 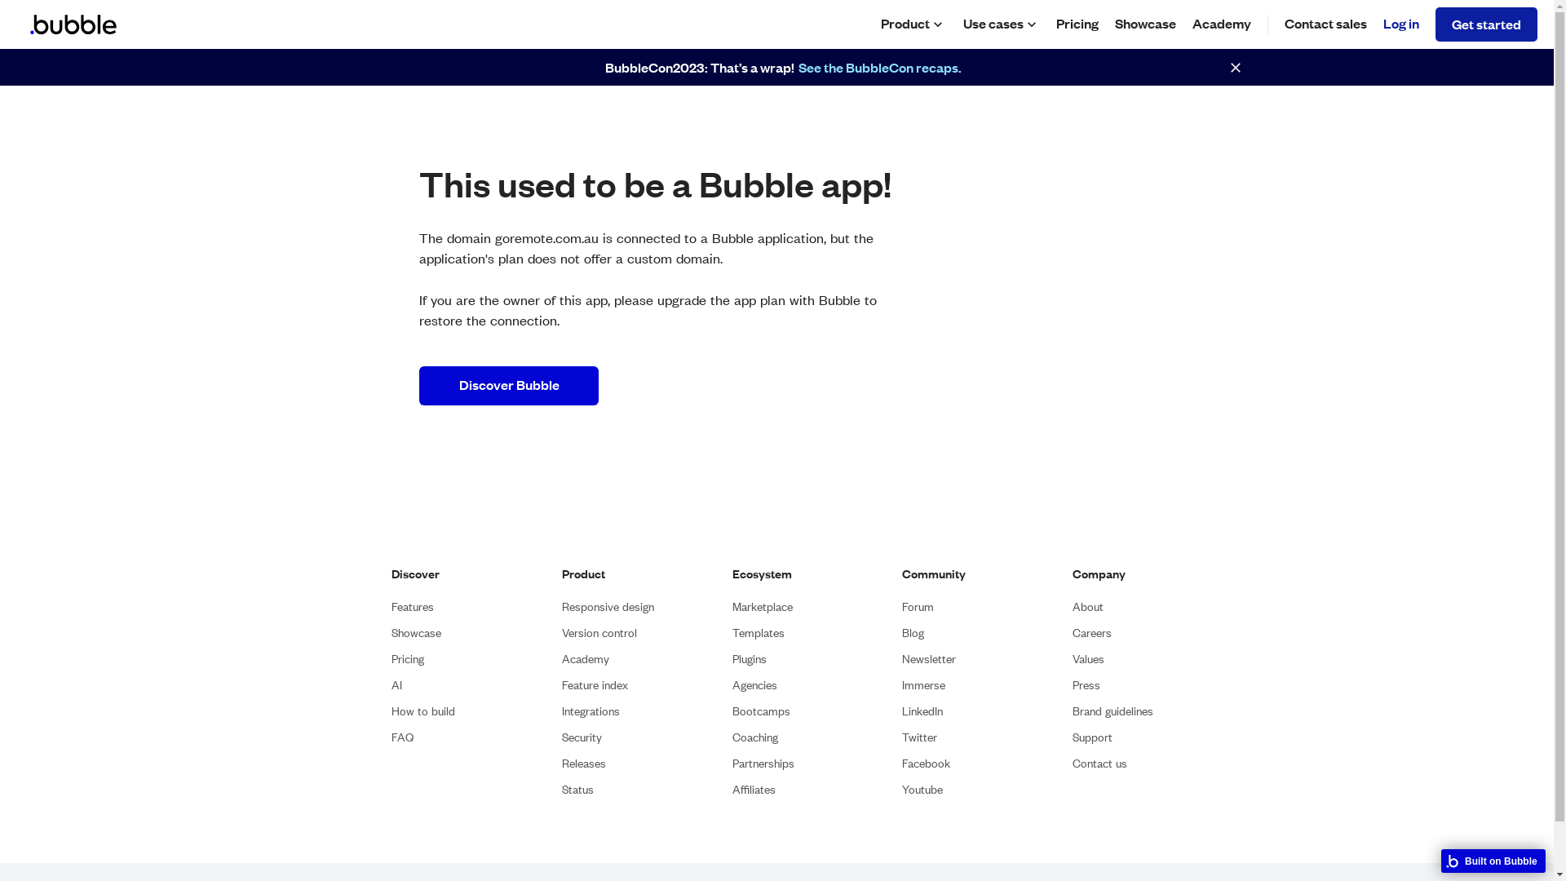 What do you see at coordinates (391, 684) in the screenshot?
I see `'AI'` at bounding box center [391, 684].